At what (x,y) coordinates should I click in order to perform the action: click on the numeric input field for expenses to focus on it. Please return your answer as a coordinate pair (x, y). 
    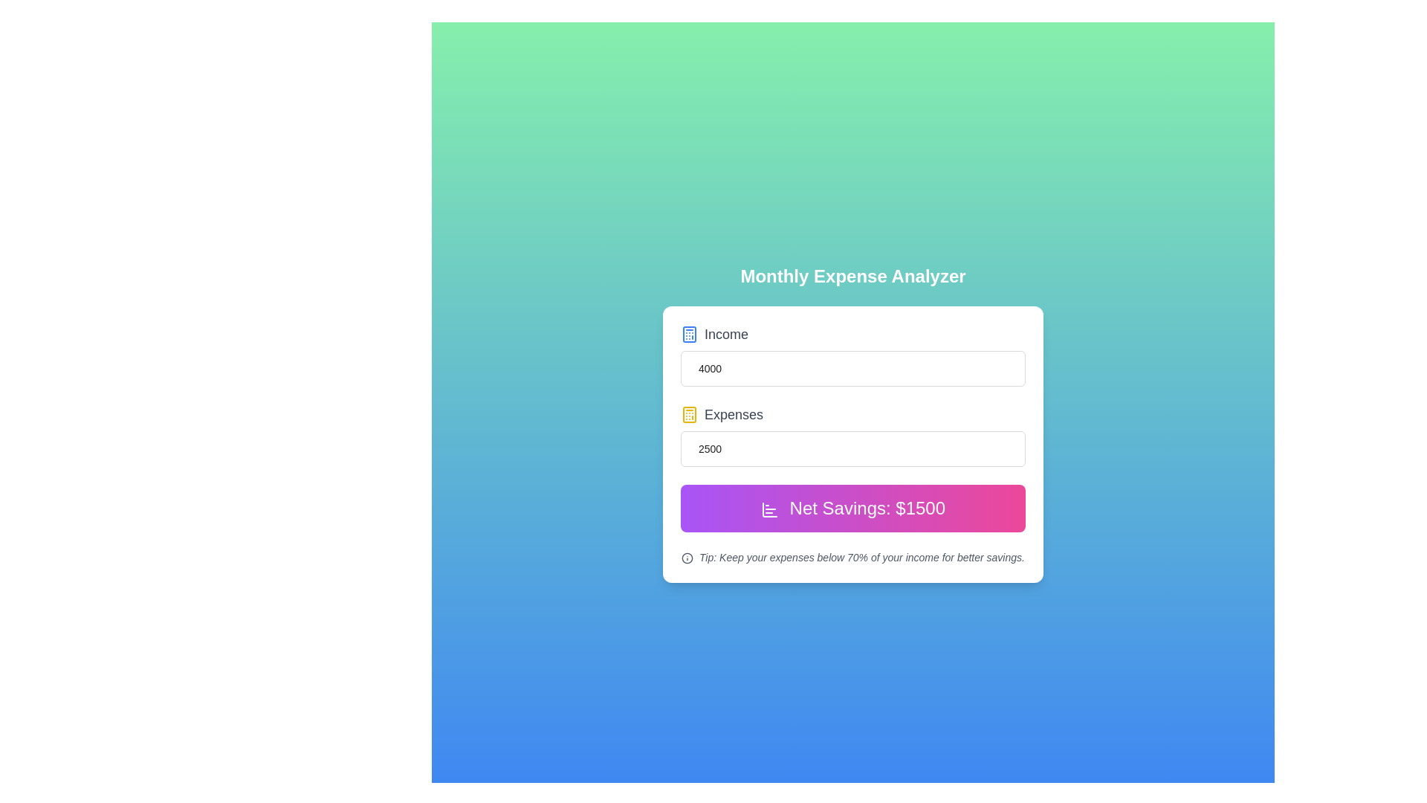
    Looking at the image, I should click on (852, 448).